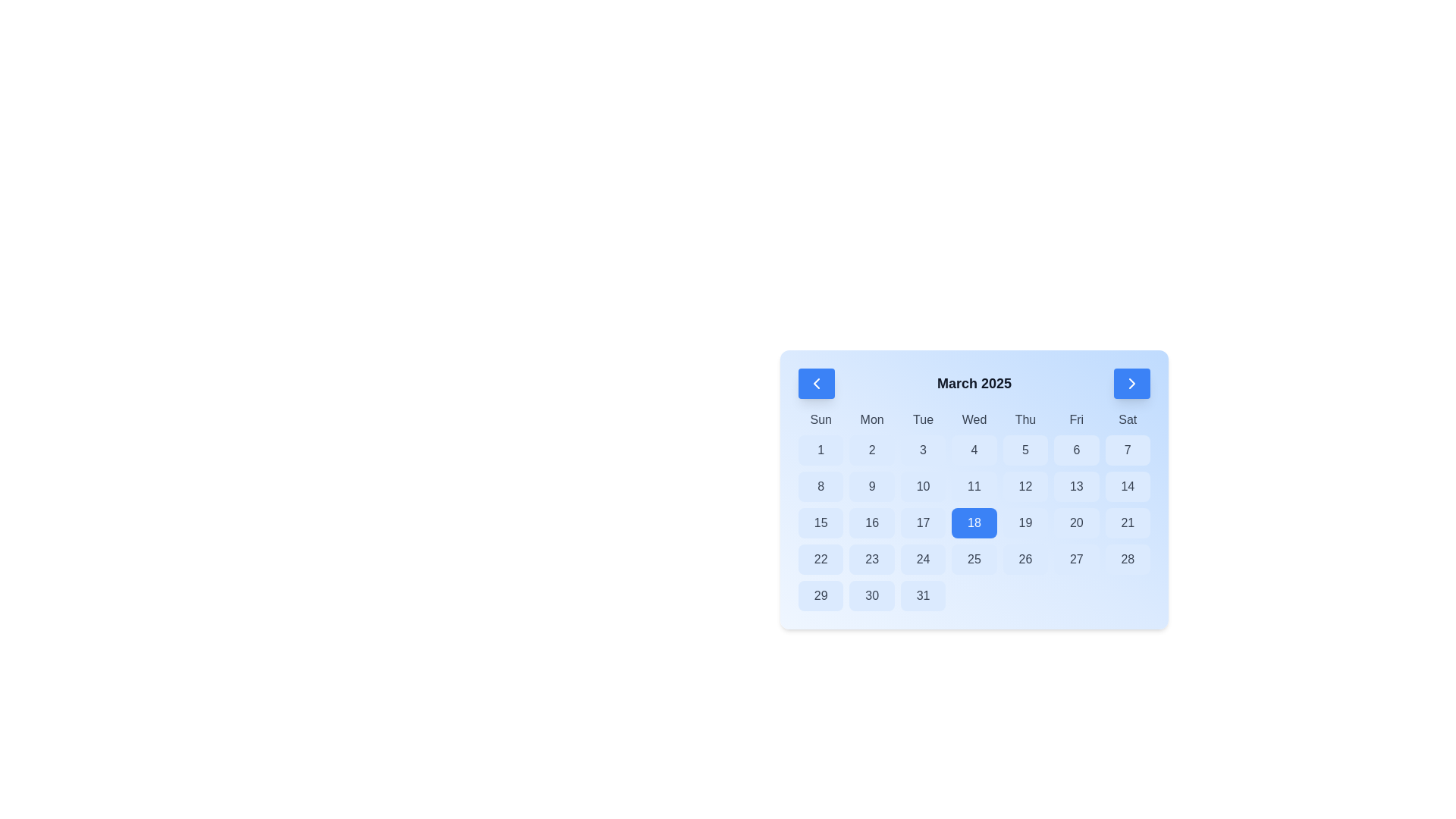 This screenshot has height=819, width=1456. I want to click on the left-facing chevron icon, which is a minimalist arrowhead pointing left, located at the top-left corner of the calendar interface, so click(815, 382).